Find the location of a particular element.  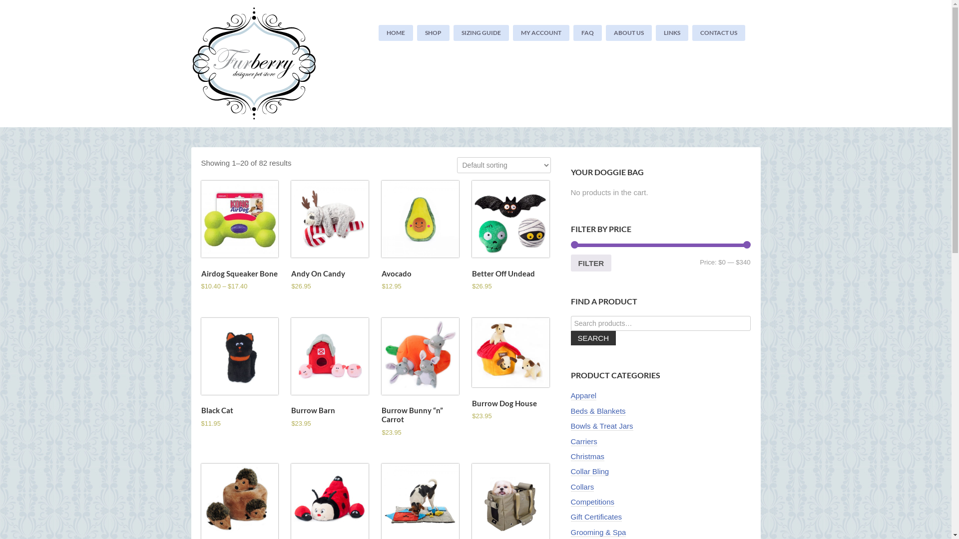

'Carriers' is located at coordinates (583, 441).